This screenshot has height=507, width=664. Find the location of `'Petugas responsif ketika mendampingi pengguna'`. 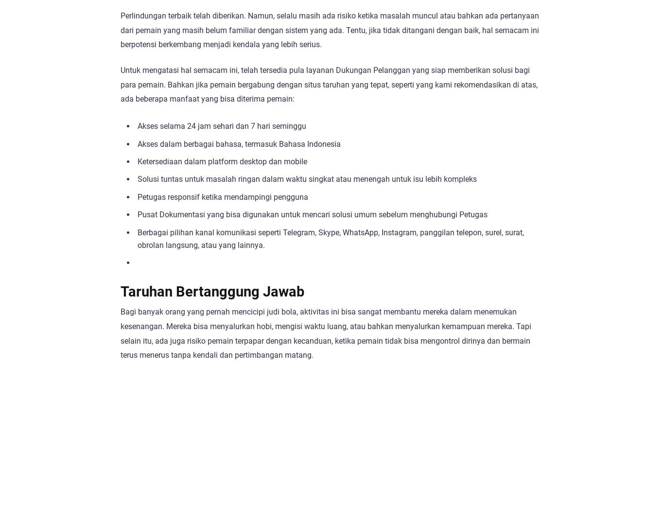

'Petugas responsif ketika mendampingi pengguna' is located at coordinates (223, 196).